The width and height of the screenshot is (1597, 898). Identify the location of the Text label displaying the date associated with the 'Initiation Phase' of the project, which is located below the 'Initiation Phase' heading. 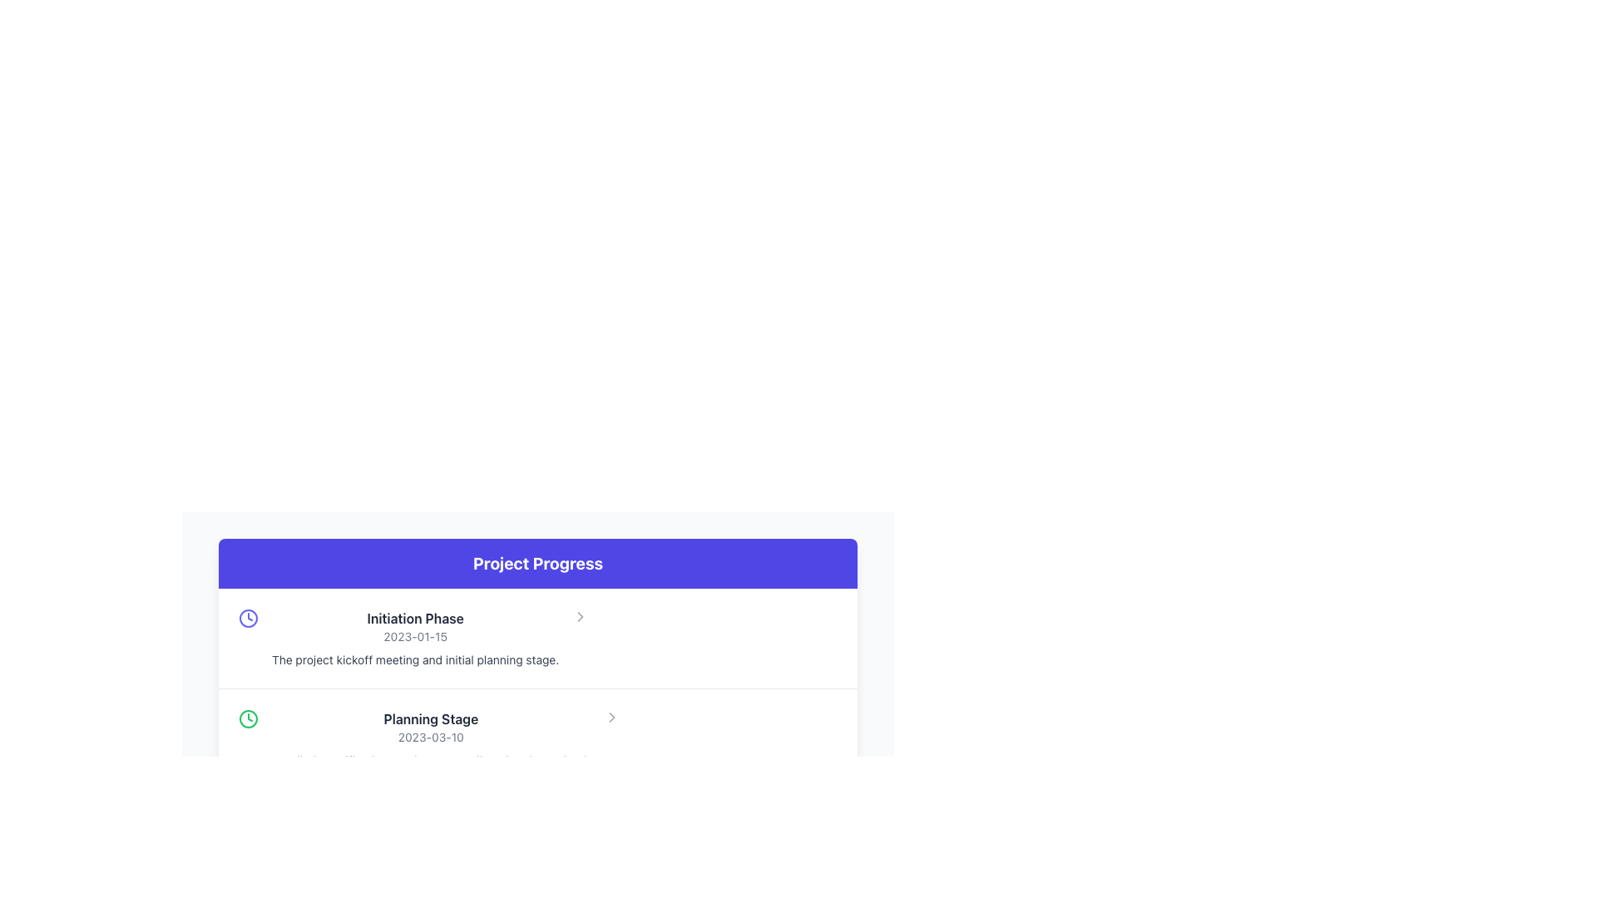
(415, 636).